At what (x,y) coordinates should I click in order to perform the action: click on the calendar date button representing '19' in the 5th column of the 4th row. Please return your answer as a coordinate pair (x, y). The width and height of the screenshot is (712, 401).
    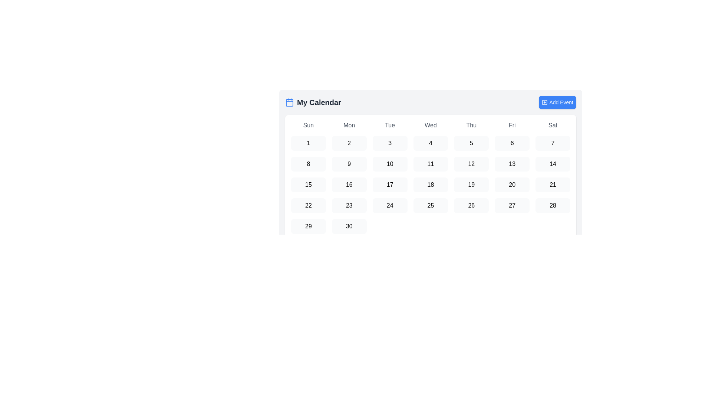
    Looking at the image, I should click on (471, 184).